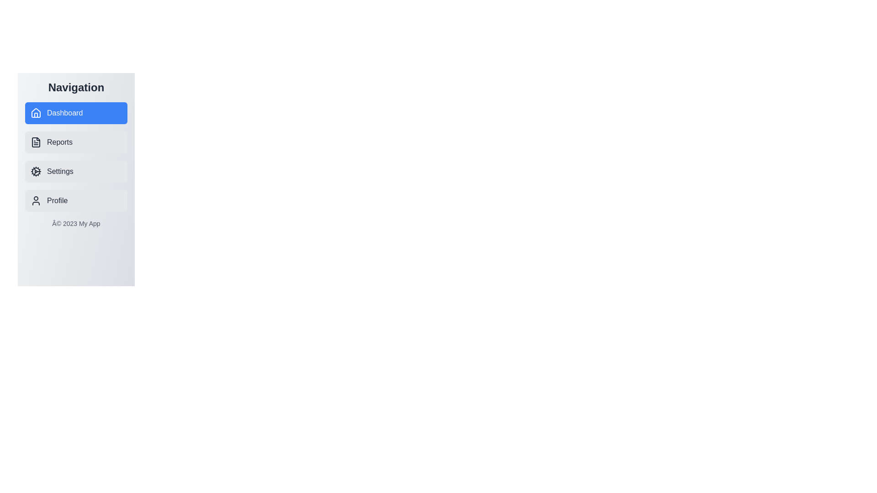 This screenshot has height=493, width=877. What do you see at coordinates (36, 200) in the screenshot?
I see `the user icon at the beginning of the 'Profile' row in the navigation menu, which is a simple outline of a person with a circular head and a semi-oval torso` at bounding box center [36, 200].